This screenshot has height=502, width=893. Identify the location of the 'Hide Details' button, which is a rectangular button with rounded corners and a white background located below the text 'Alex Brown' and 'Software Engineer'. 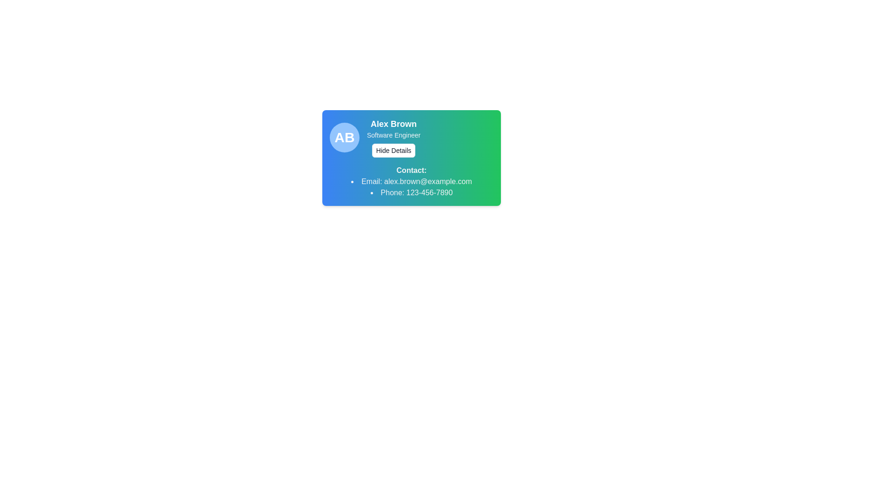
(393, 150).